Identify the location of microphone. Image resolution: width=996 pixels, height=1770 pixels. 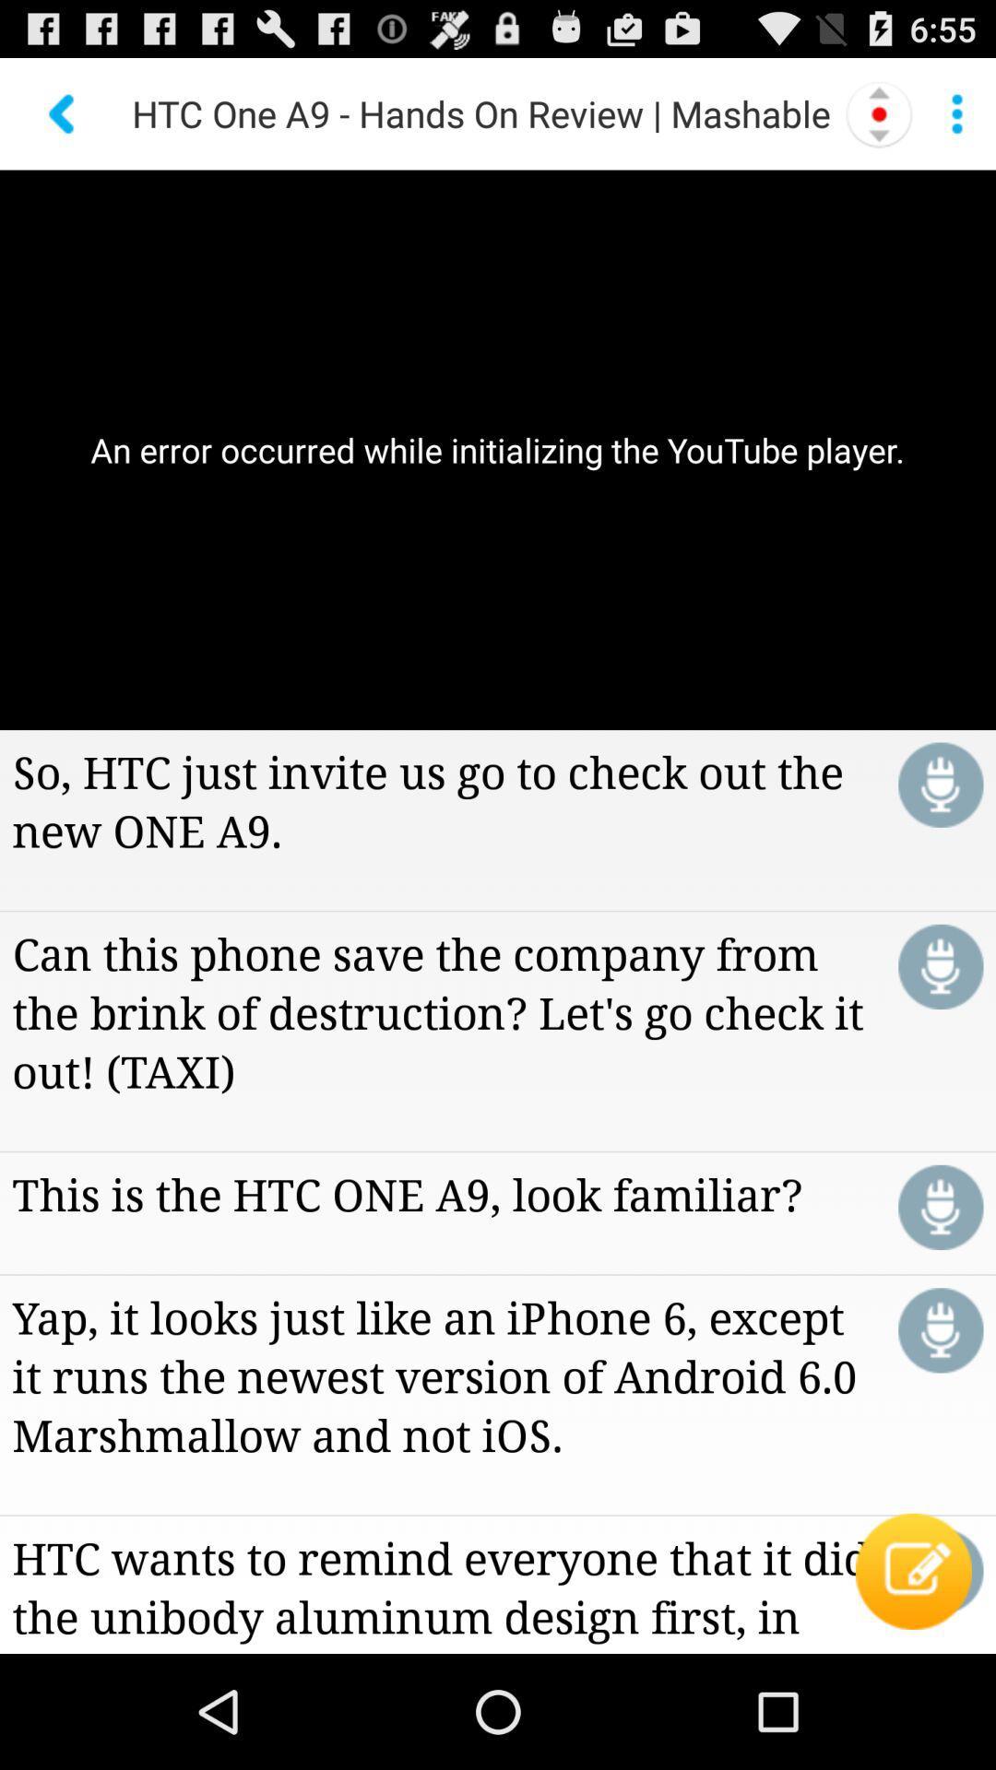
(941, 965).